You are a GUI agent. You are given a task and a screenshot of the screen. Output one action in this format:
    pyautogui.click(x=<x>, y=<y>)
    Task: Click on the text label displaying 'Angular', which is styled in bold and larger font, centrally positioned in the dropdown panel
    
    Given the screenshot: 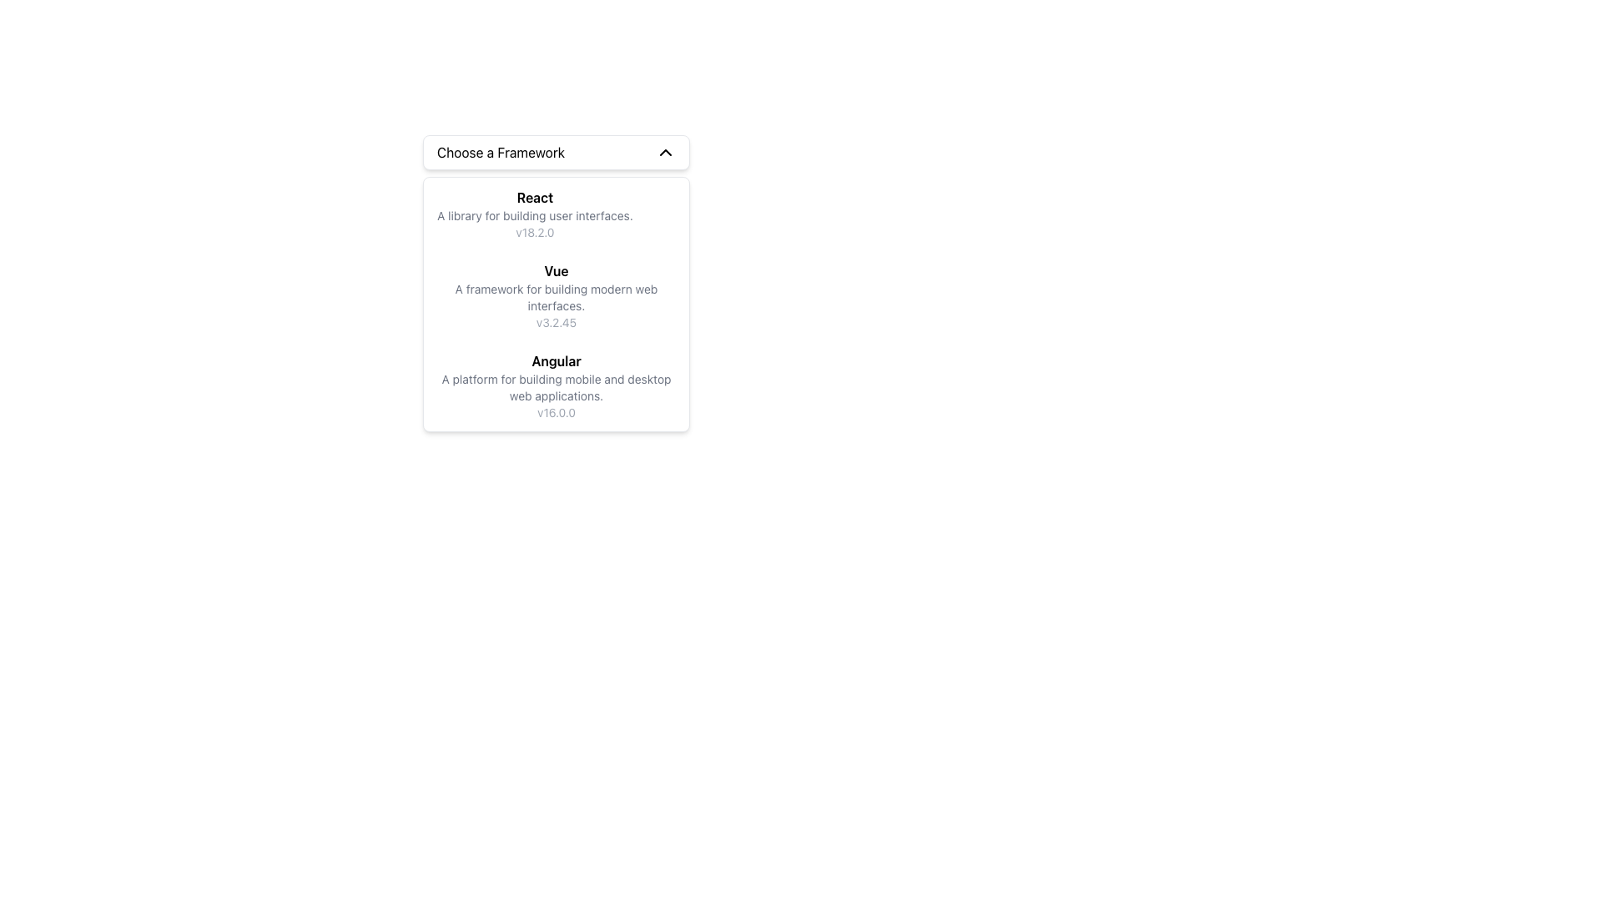 What is the action you would take?
    pyautogui.click(x=557, y=360)
    